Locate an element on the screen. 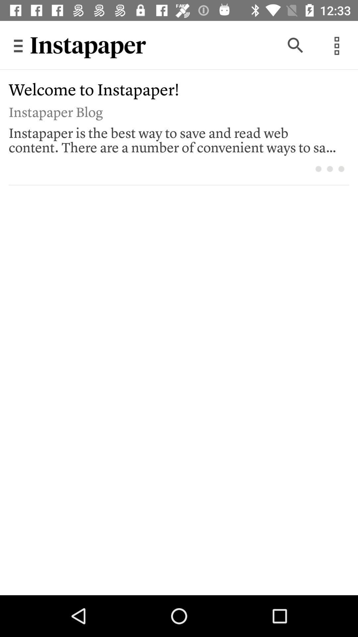  the instapaper blog is located at coordinates (174, 111).